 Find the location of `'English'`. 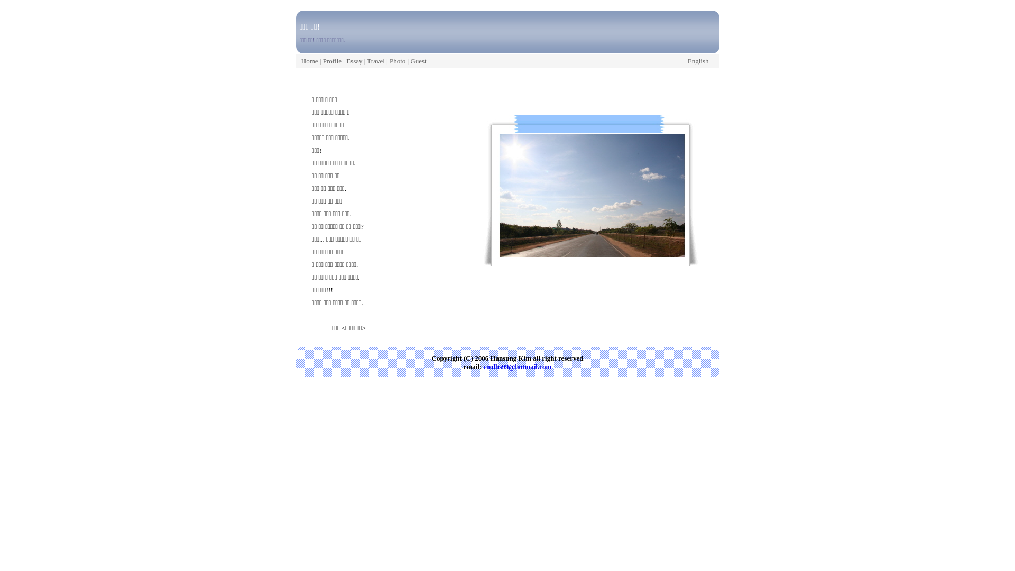

'English' is located at coordinates (687, 61).